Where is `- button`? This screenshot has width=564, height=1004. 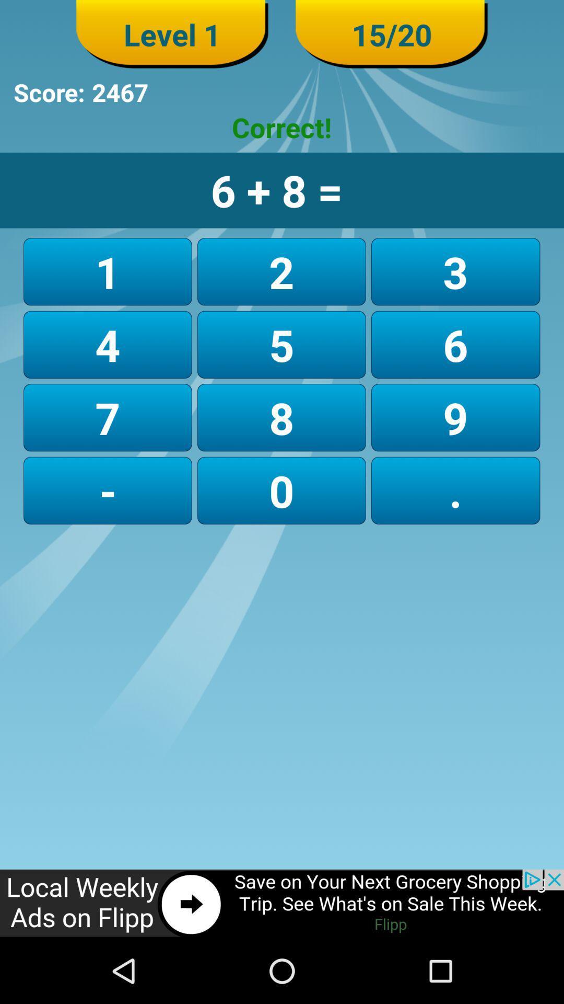
- button is located at coordinates (108, 490).